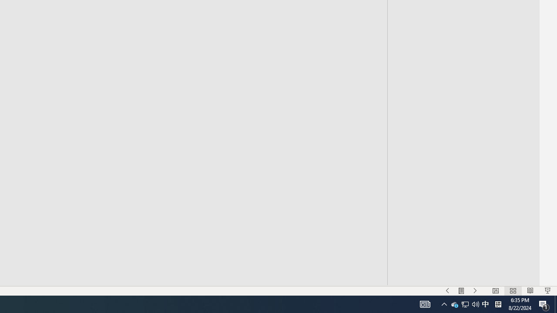  Describe the element at coordinates (461, 291) in the screenshot. I see `'Menu On'` at that location.